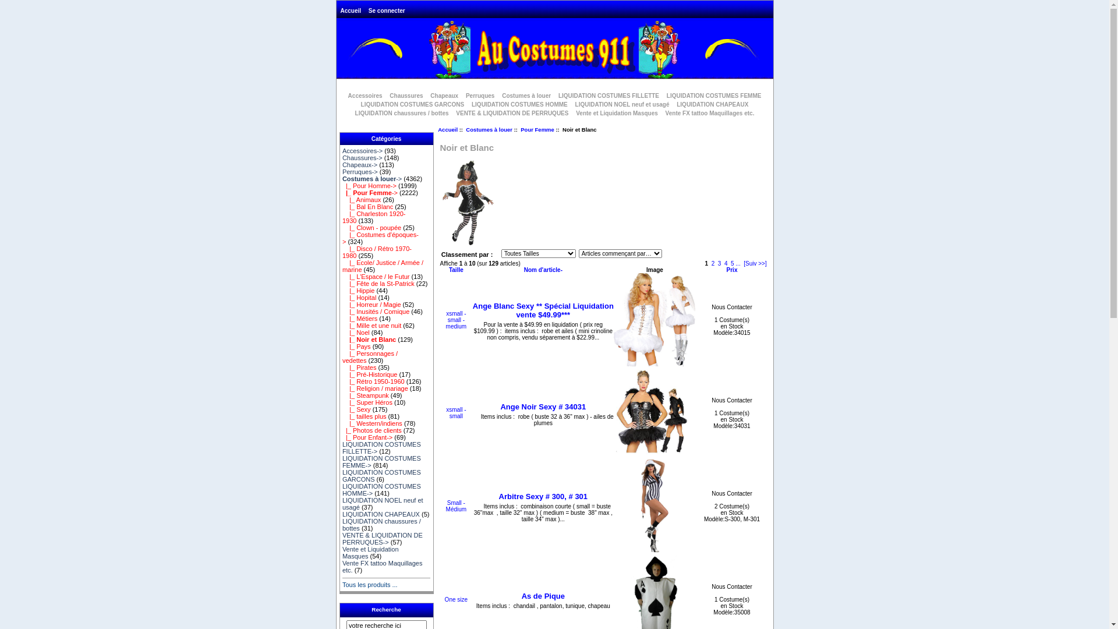  Describe the element at coordinates (342, 339) in the screenshot. I see `'    |_ Noir et Blanc'` at that location.